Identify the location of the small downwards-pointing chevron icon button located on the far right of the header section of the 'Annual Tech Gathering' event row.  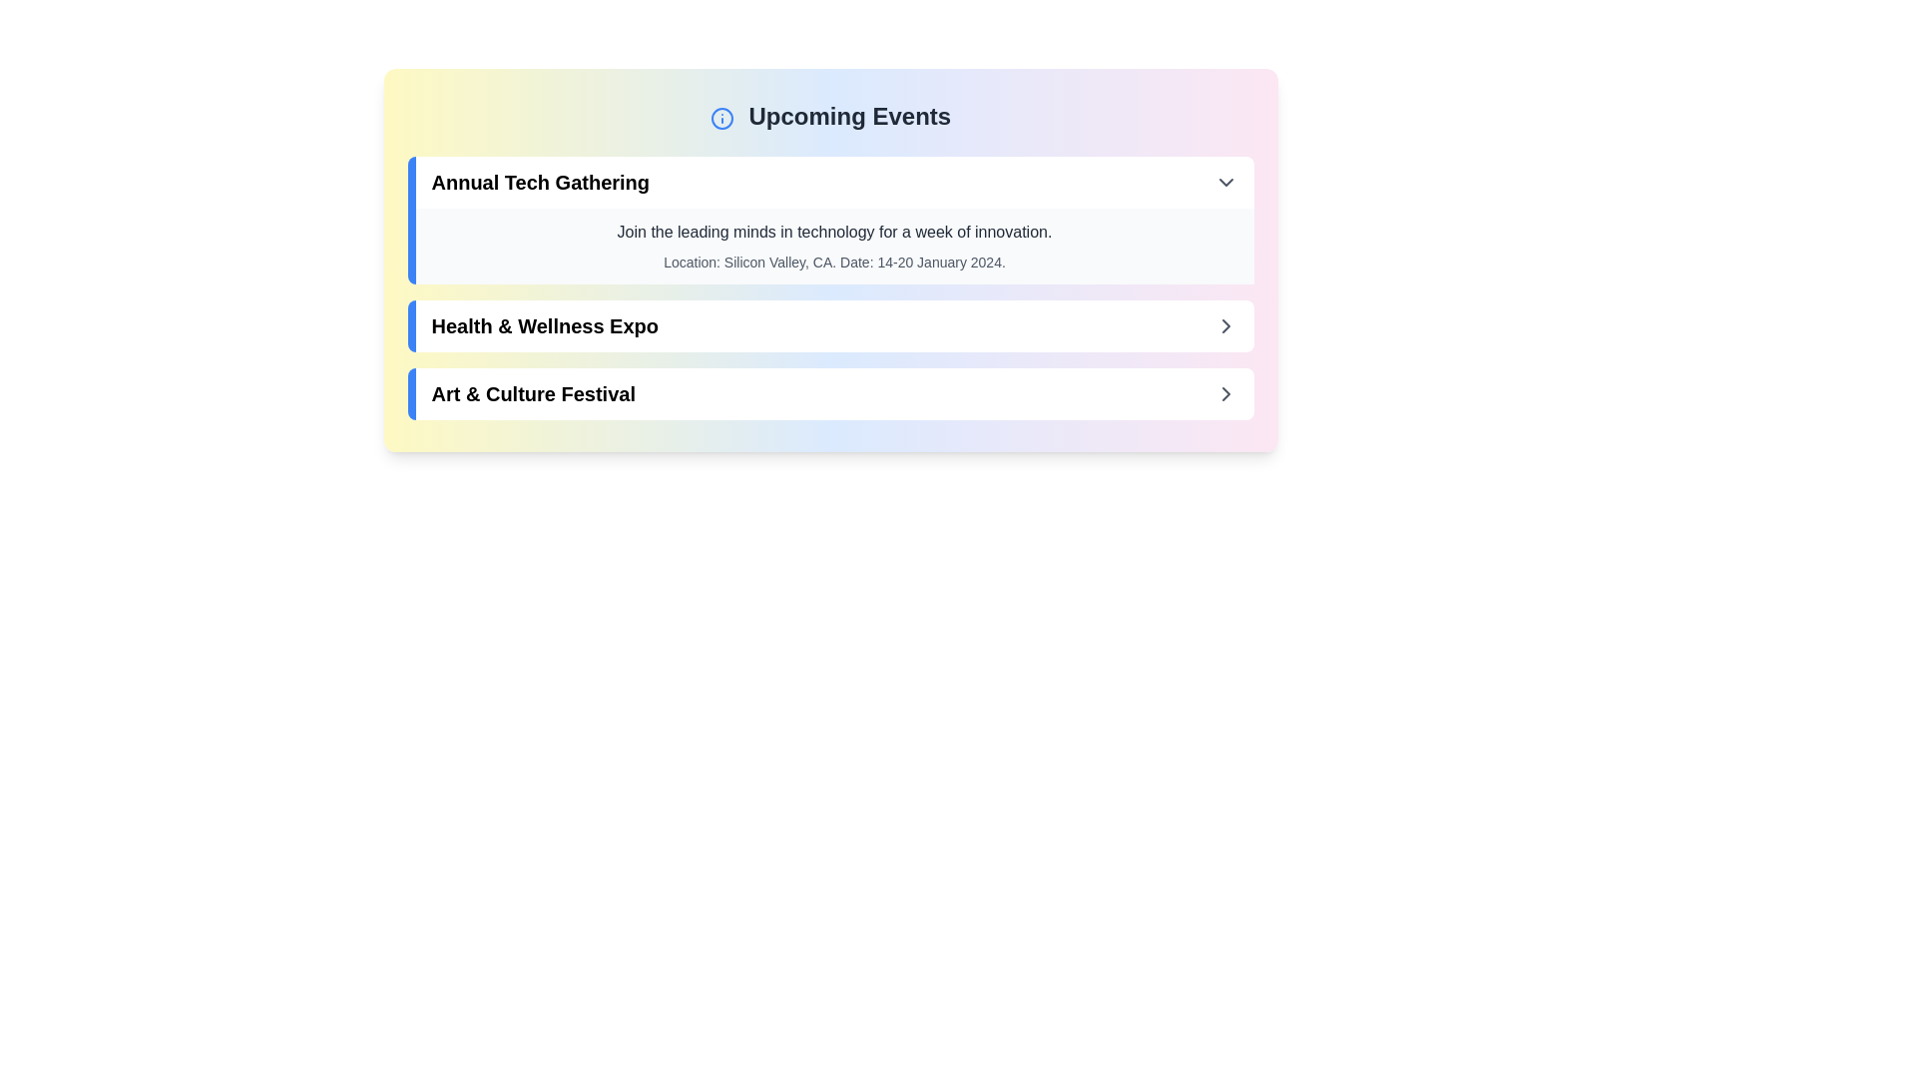
(1224, 182).